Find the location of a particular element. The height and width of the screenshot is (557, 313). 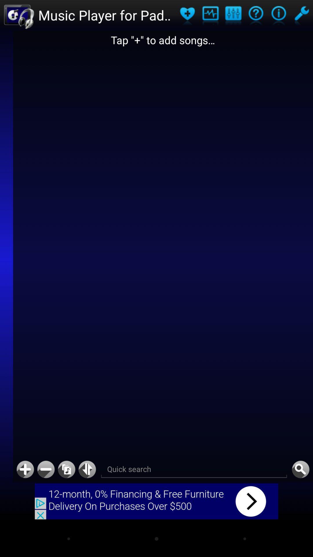

quick page is located at coordinates (87, 469).